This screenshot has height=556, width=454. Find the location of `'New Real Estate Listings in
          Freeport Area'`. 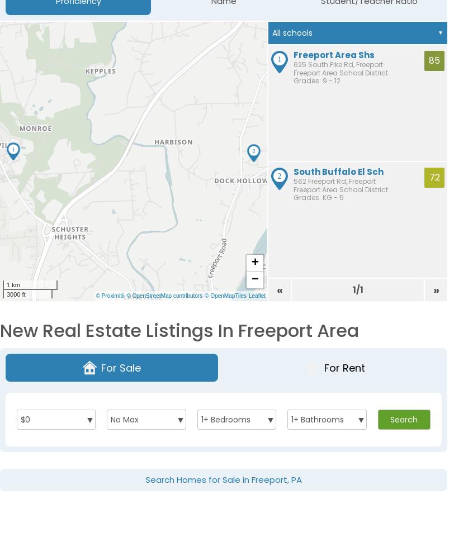

'New Real Estate Listings in
          Freeport Area' is located at coordinates (179, 329).